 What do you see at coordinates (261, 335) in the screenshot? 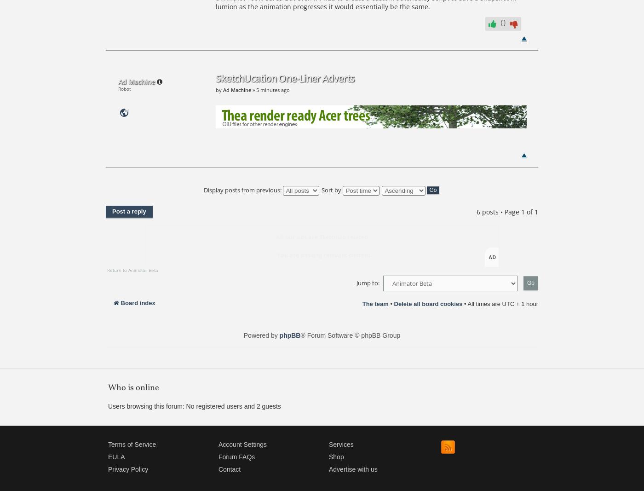
I see `'Powered by'` at bounding box center [261, 335].